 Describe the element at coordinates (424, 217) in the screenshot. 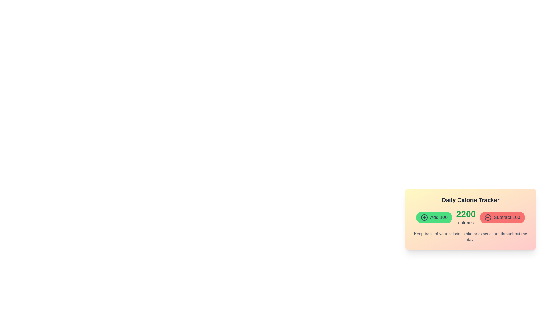

I see `the circle-plus icon on the left side of the 'Add 100' button in the 'Daily Calorie Tracker' panel to initiate the add action` at that location.